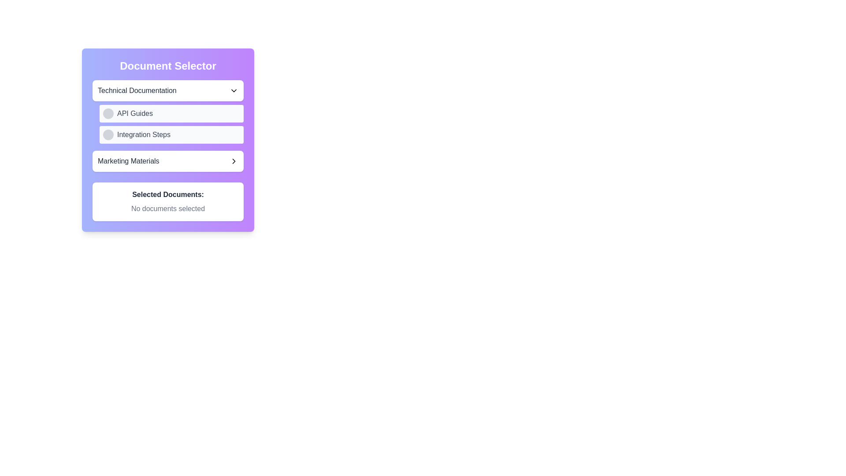 This screenshot has width=846, height=476. What do you see at coordinates (234, 90) in the screenshot?
I see `the downward-pointing chevron icon located on the right side of the 'Technical Documentation' label in the 'Document Selector' interface` at bounding box center [234, 90].